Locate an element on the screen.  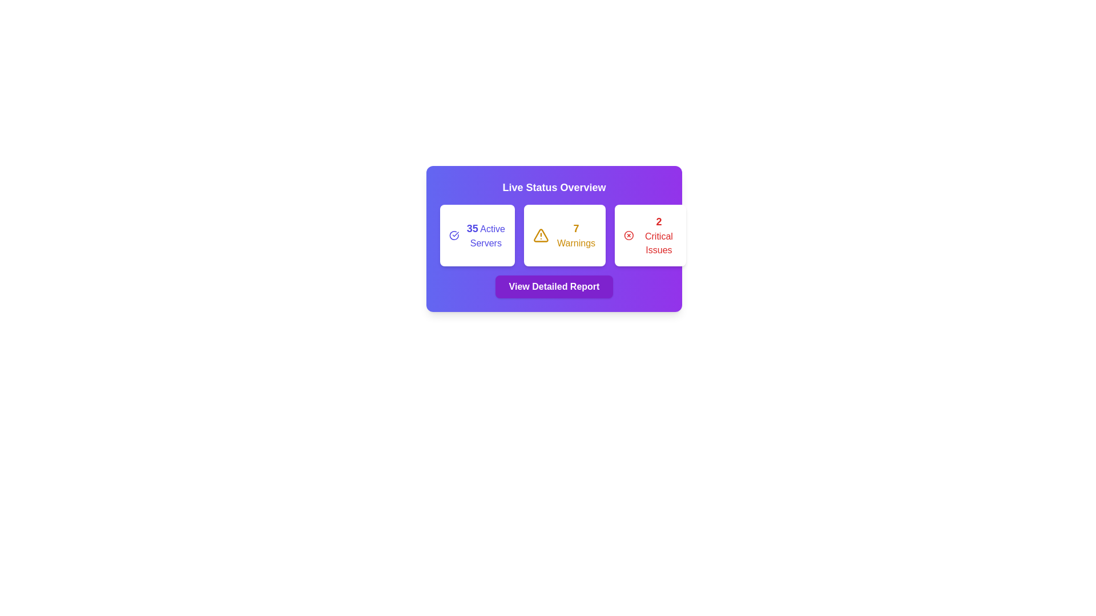
the button with the purple gradient background labeled 'View Detailed Report' to possibly display a tooltip or highlight effect is located at coordinates (554, 286).